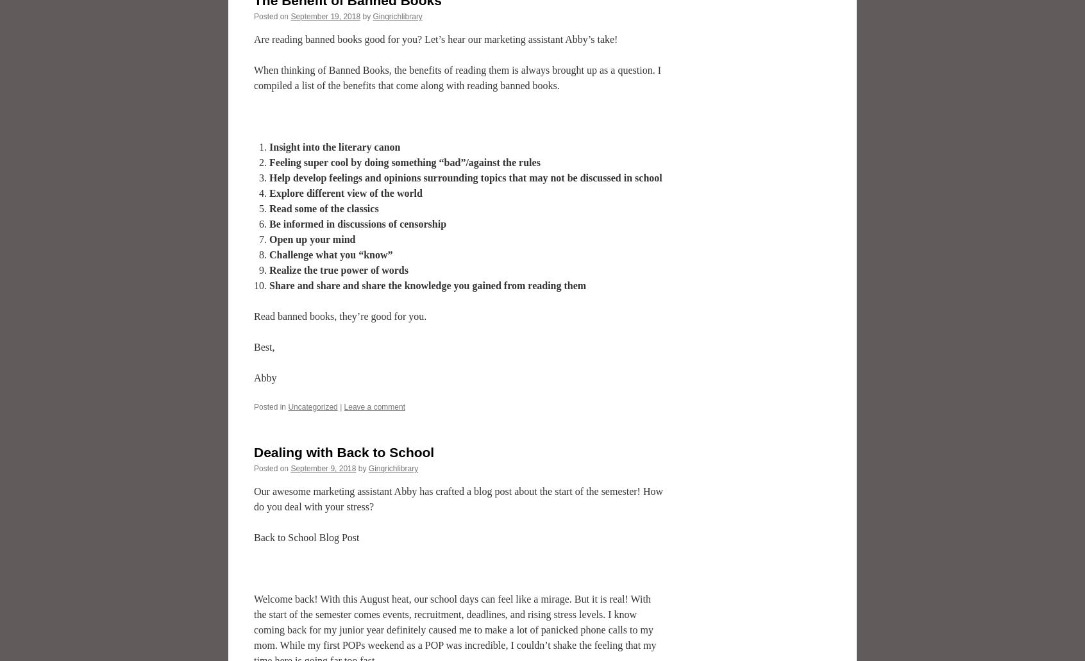 Image resolution: width=1085 pixels, height=661 pixels. Describe the element at coordinates (339, 270) in the screenshot. I see `'Realize the true power of words'` at that location.